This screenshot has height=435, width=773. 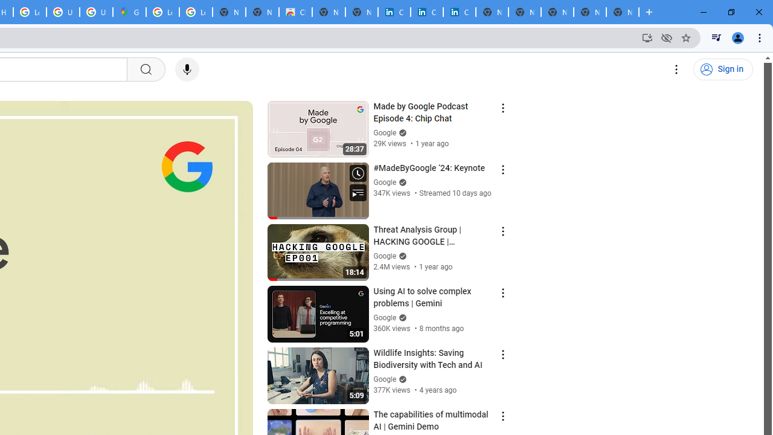 What do you see at coordinates (623, 12) in the screenshot?
I see `'New Tab'` at bounding box center [623, 12].